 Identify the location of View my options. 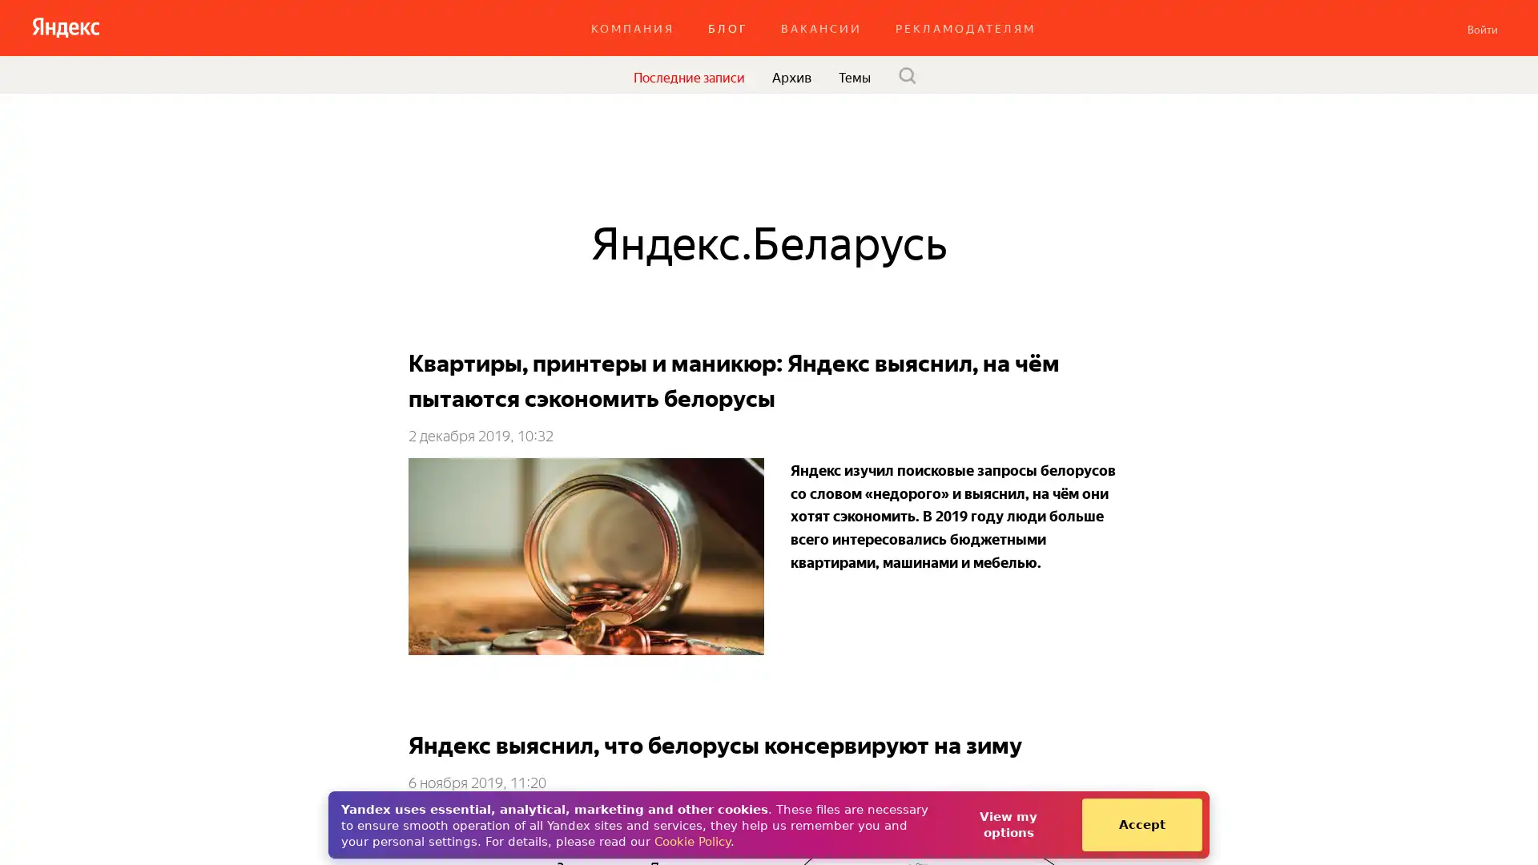
(1007, 824).